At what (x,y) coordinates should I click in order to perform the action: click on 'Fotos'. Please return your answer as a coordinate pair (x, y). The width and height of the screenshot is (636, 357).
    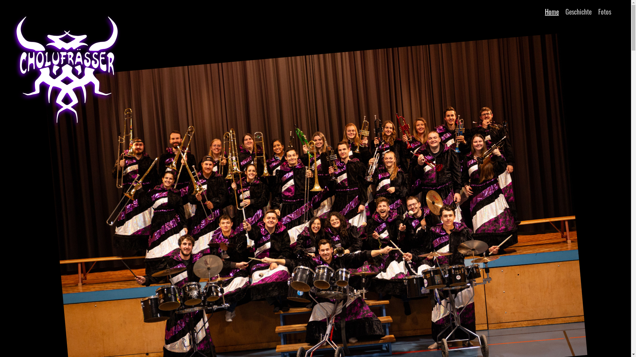
    Looking at the image, I should click on (598, 11).